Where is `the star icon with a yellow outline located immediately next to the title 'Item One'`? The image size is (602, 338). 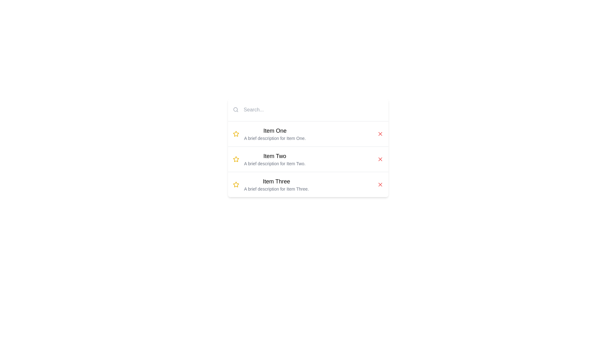 the star icon with a yellow outline located immediately next to the title 'Item One' is located at coordinates (235, 134).